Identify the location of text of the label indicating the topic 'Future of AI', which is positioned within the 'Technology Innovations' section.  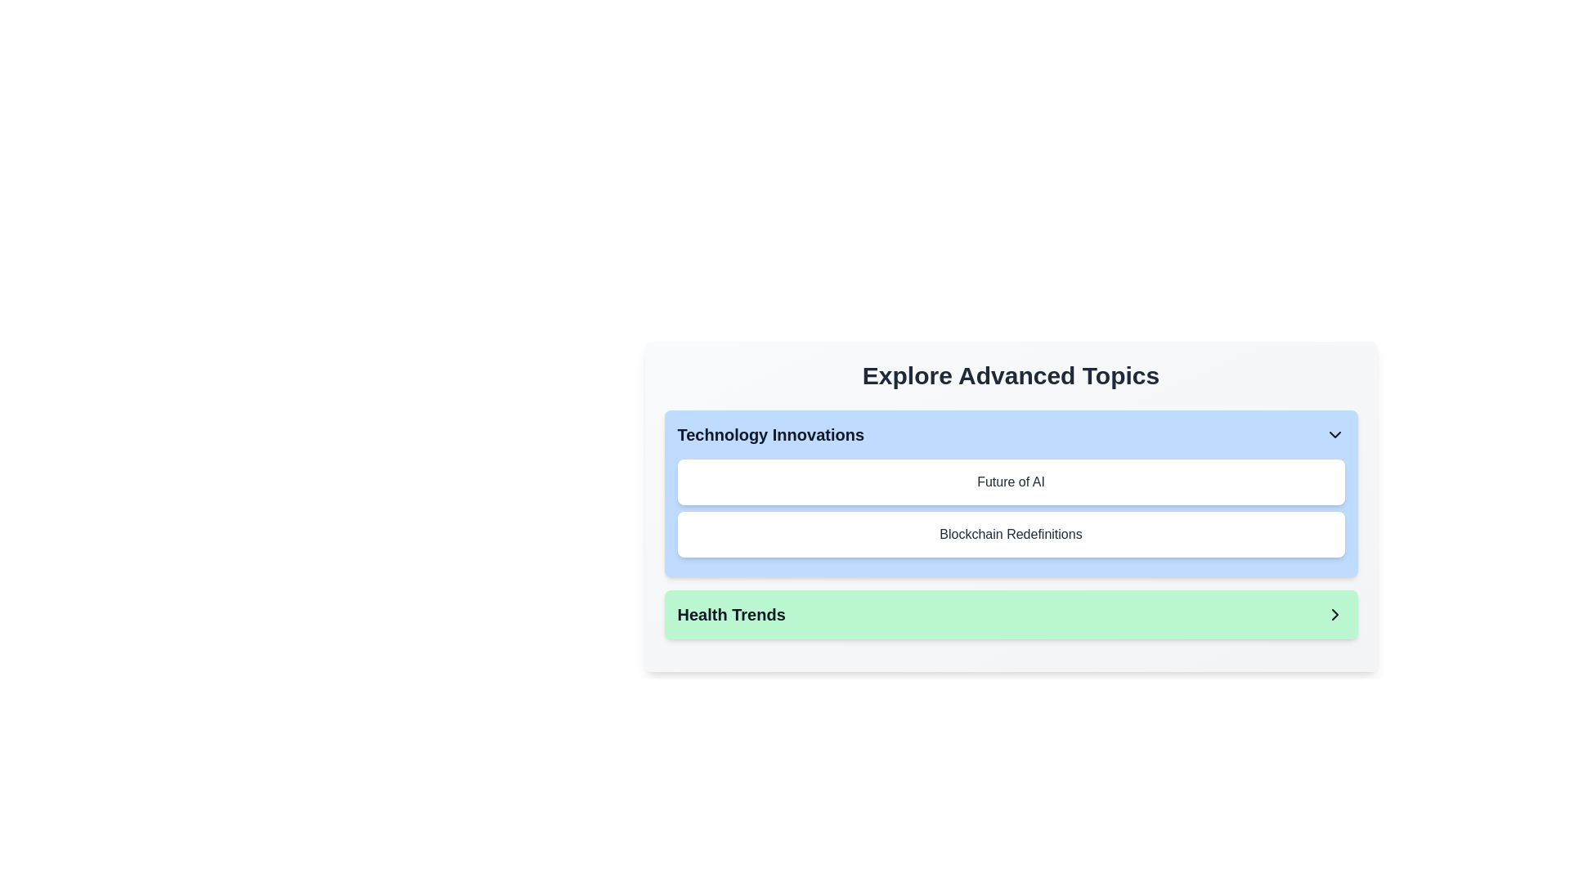
(1010, 482).